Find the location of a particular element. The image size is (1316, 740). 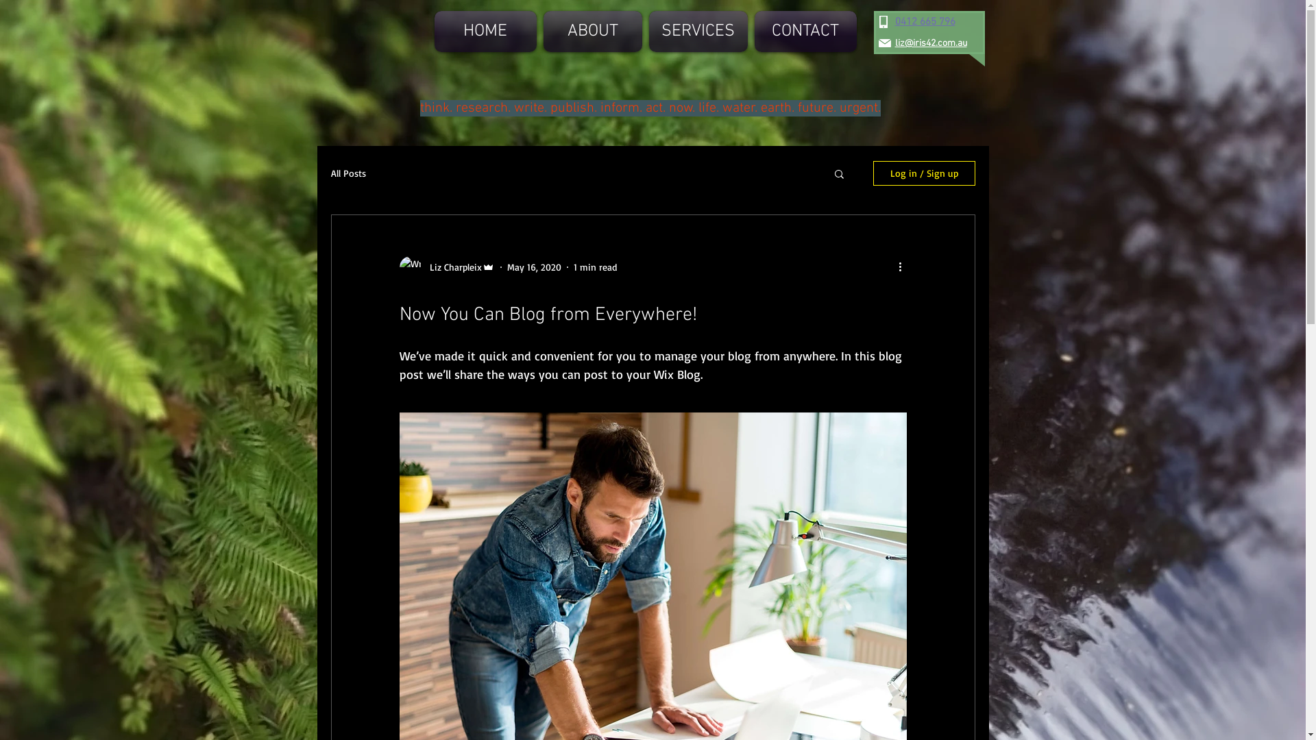

'liz@iris42.com.au' is located at coordinates (931, 42).